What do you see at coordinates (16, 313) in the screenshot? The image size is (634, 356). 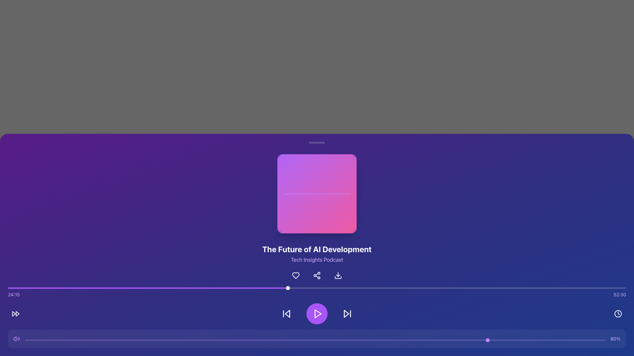 I see `the fast-forward button located second to the right in the media playback control group at the bottom of the interface` at bounding box center [16, 313].